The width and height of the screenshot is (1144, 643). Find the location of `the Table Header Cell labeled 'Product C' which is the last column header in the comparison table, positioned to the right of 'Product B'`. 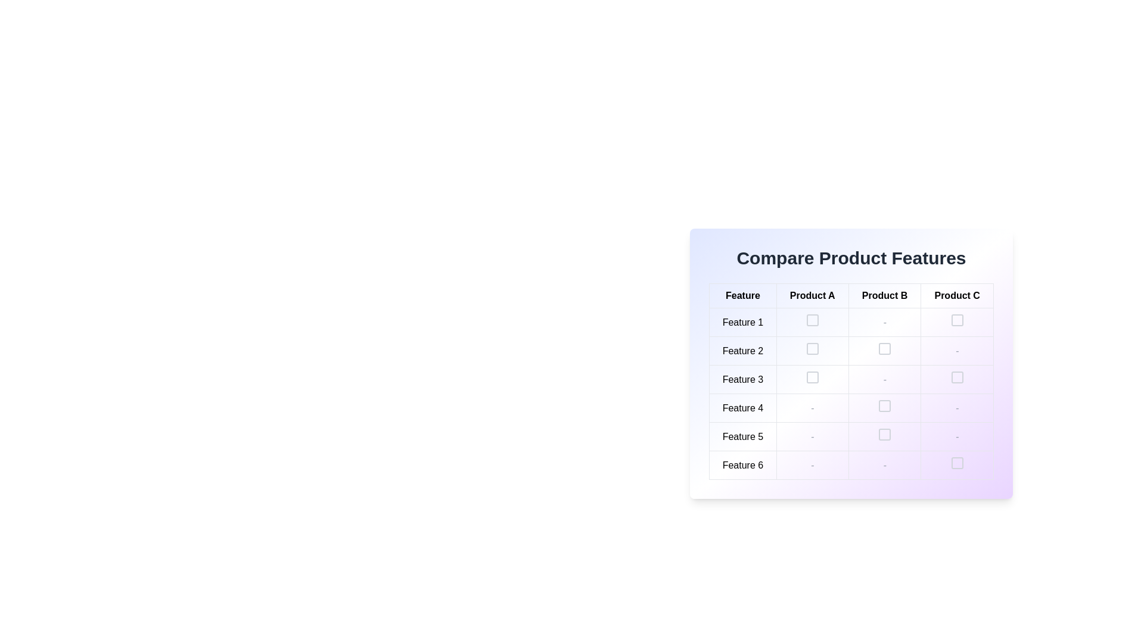

the Table Header Cell labeled 'Product C' which is the last column header in the comparison table, positioned to the right of 'Product B' is located at coordinates (957, 295).